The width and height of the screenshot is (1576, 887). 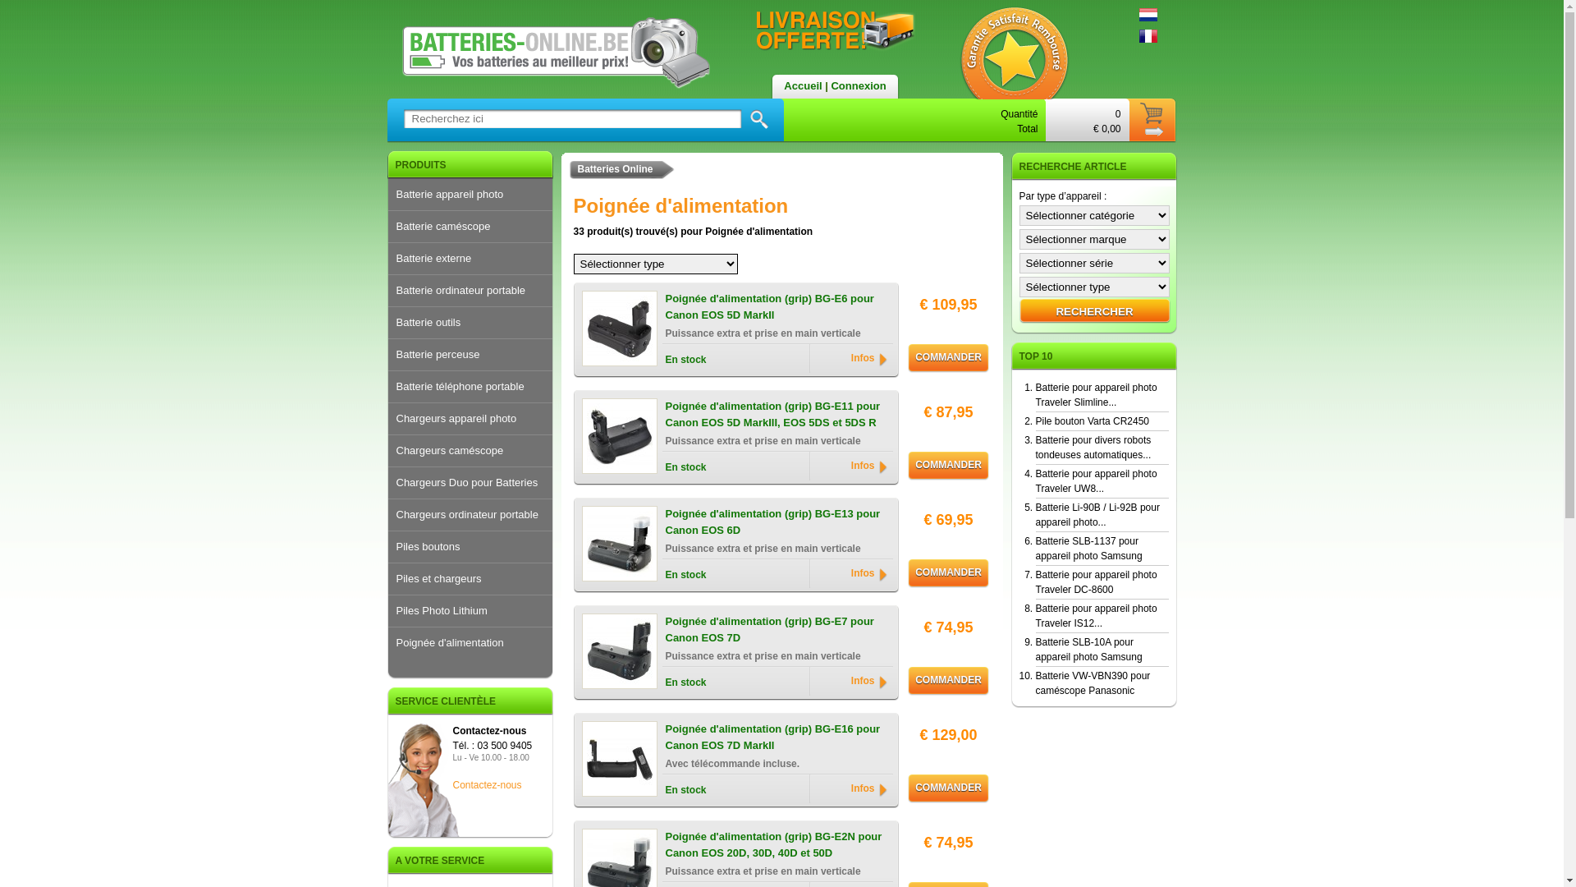 I want to click on 'Piles Photo Lithium', so click(x=468, y=611).